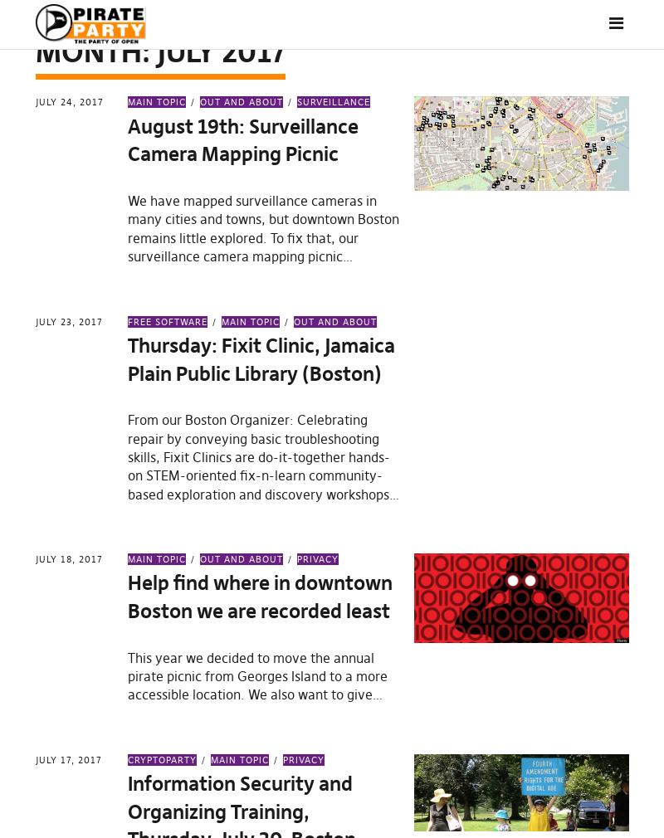 The image size is (664, 838). What do you see at coordinates (161, 758) in the screenshot?
I see `'Cryptoparty'` at bounding box center [161, 758].